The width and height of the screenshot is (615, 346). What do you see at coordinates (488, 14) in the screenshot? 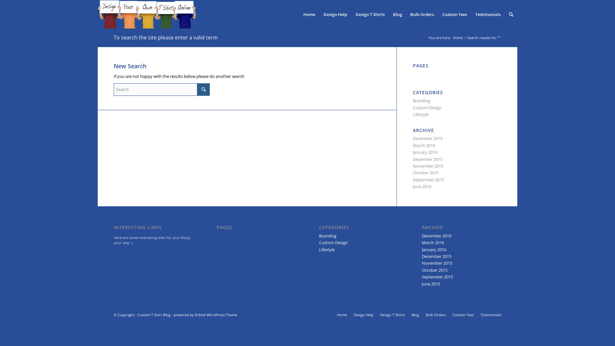
I see `'Testimonials'` at bounding box center [488, 14].